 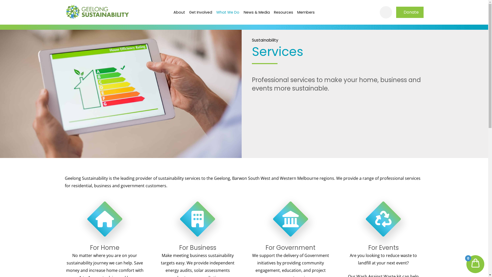 What do you see at coordinates (200, 12) in the screenshot?
I see `'Get Involved'` at bounding box center [200, 12].